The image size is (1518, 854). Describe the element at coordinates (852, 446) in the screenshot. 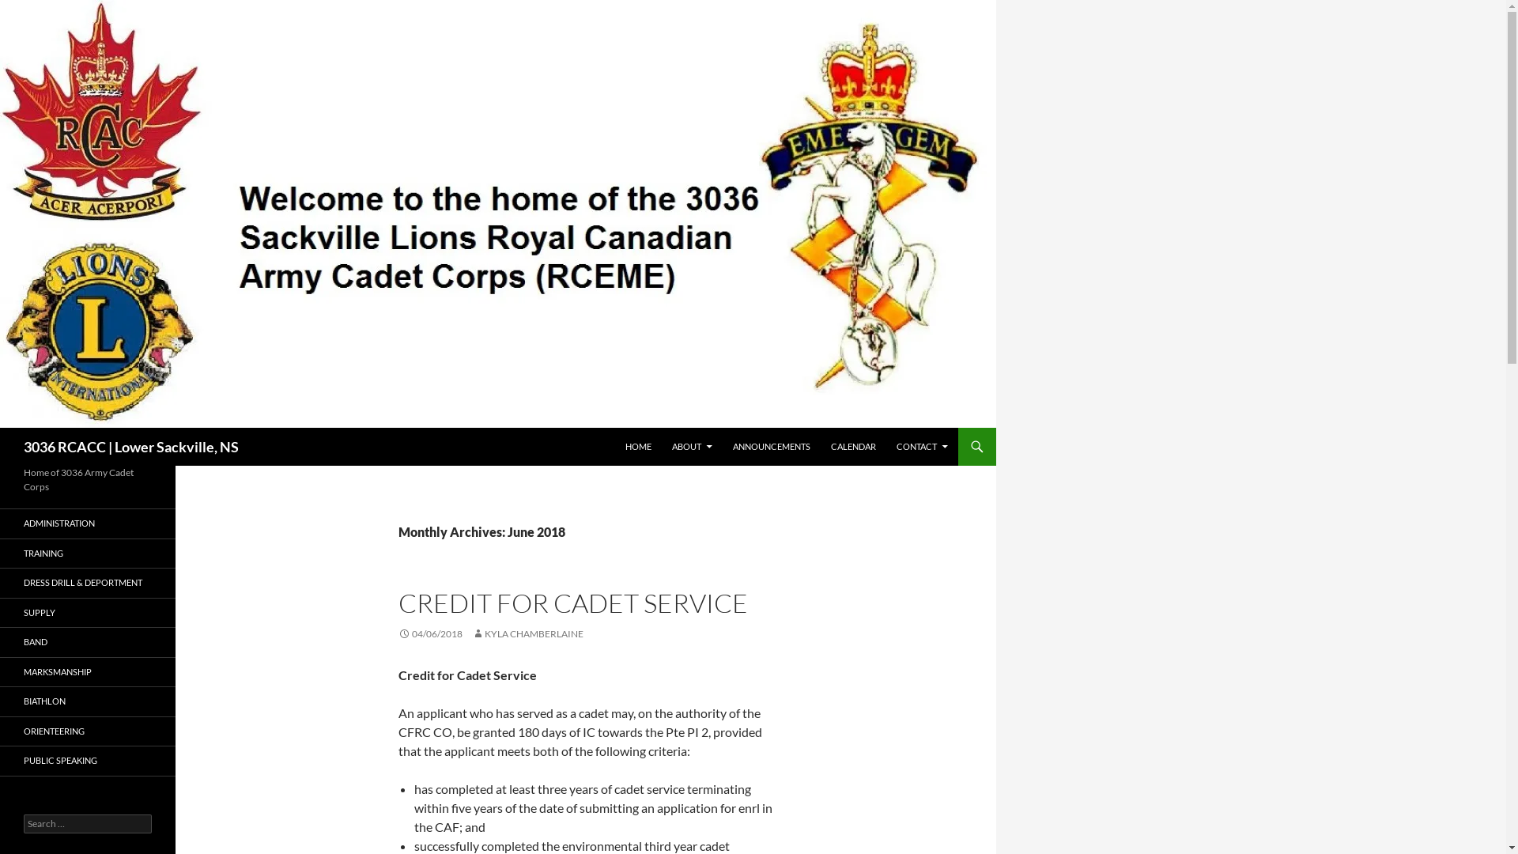

I see `'CALENDAR'` at that location.